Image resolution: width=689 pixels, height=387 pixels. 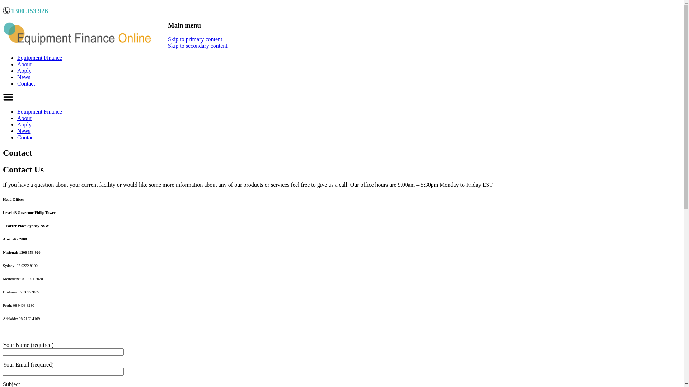 I want to click on 'About', so click(x=24, y=118).